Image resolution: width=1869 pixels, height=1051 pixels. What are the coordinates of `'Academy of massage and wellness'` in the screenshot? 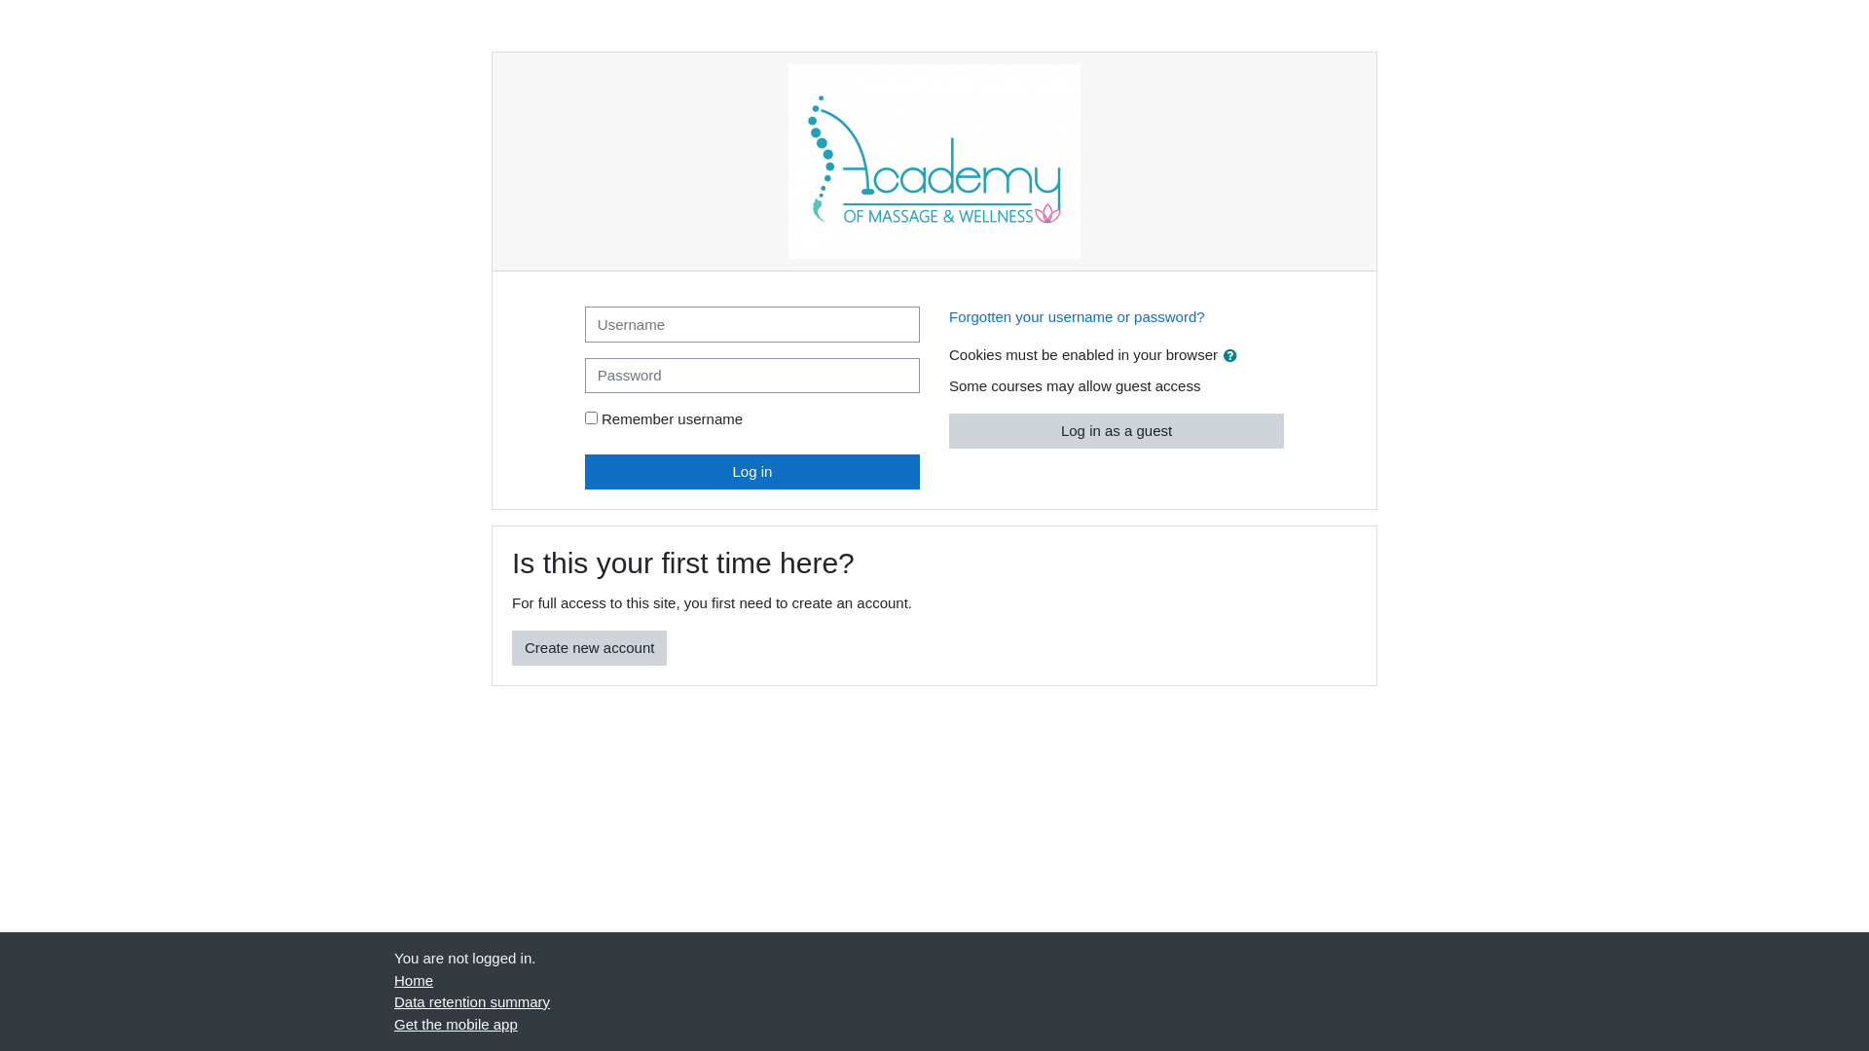 It's located at (934, 160).